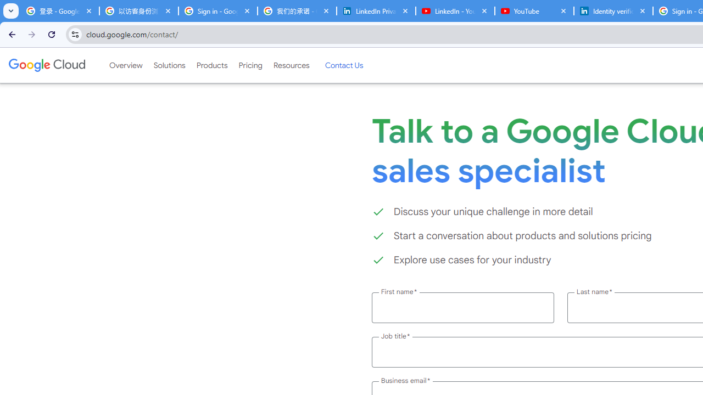  What do you see at coordinates (462, 307) in the screenshot?
I see `'First name *'` at bounding box center [462, 307].